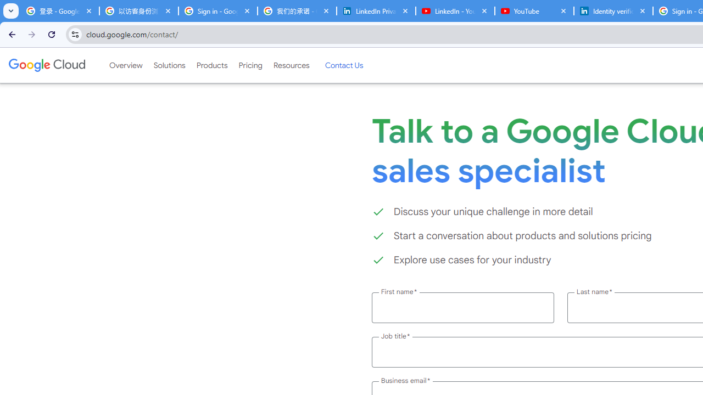  What do you see at coordinates (462, 307) in the screenshot?
I see `'First name *'` at bounding box center [462, 307].